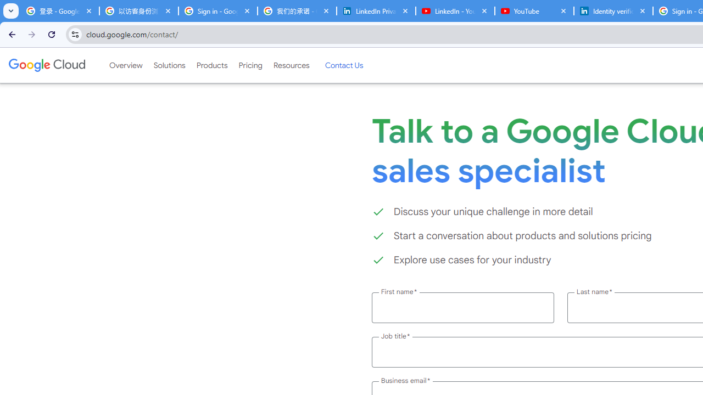  What do you see at coordinates (462, 307) in the screenshot?
I see `'First name *'` at bounding box center [462, 307].